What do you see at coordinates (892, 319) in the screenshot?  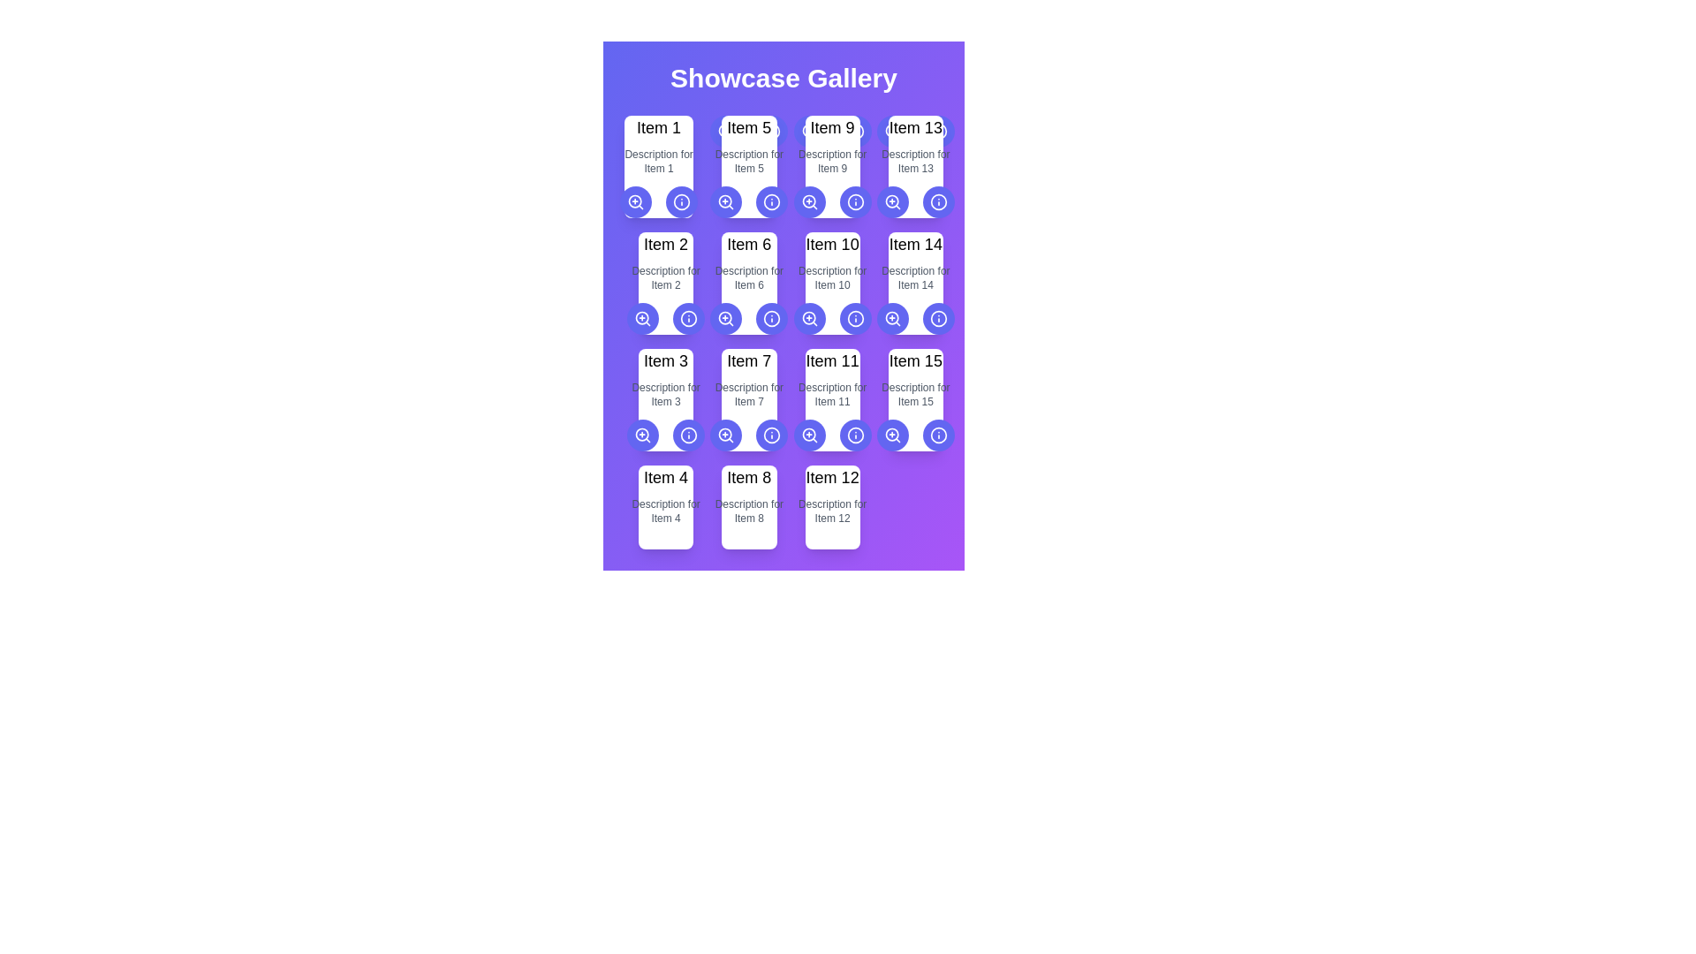 I see `the first button in the pair located under the card labeled 'Item 14' in the Showcase Gallery` at bounding box center [892, 319].